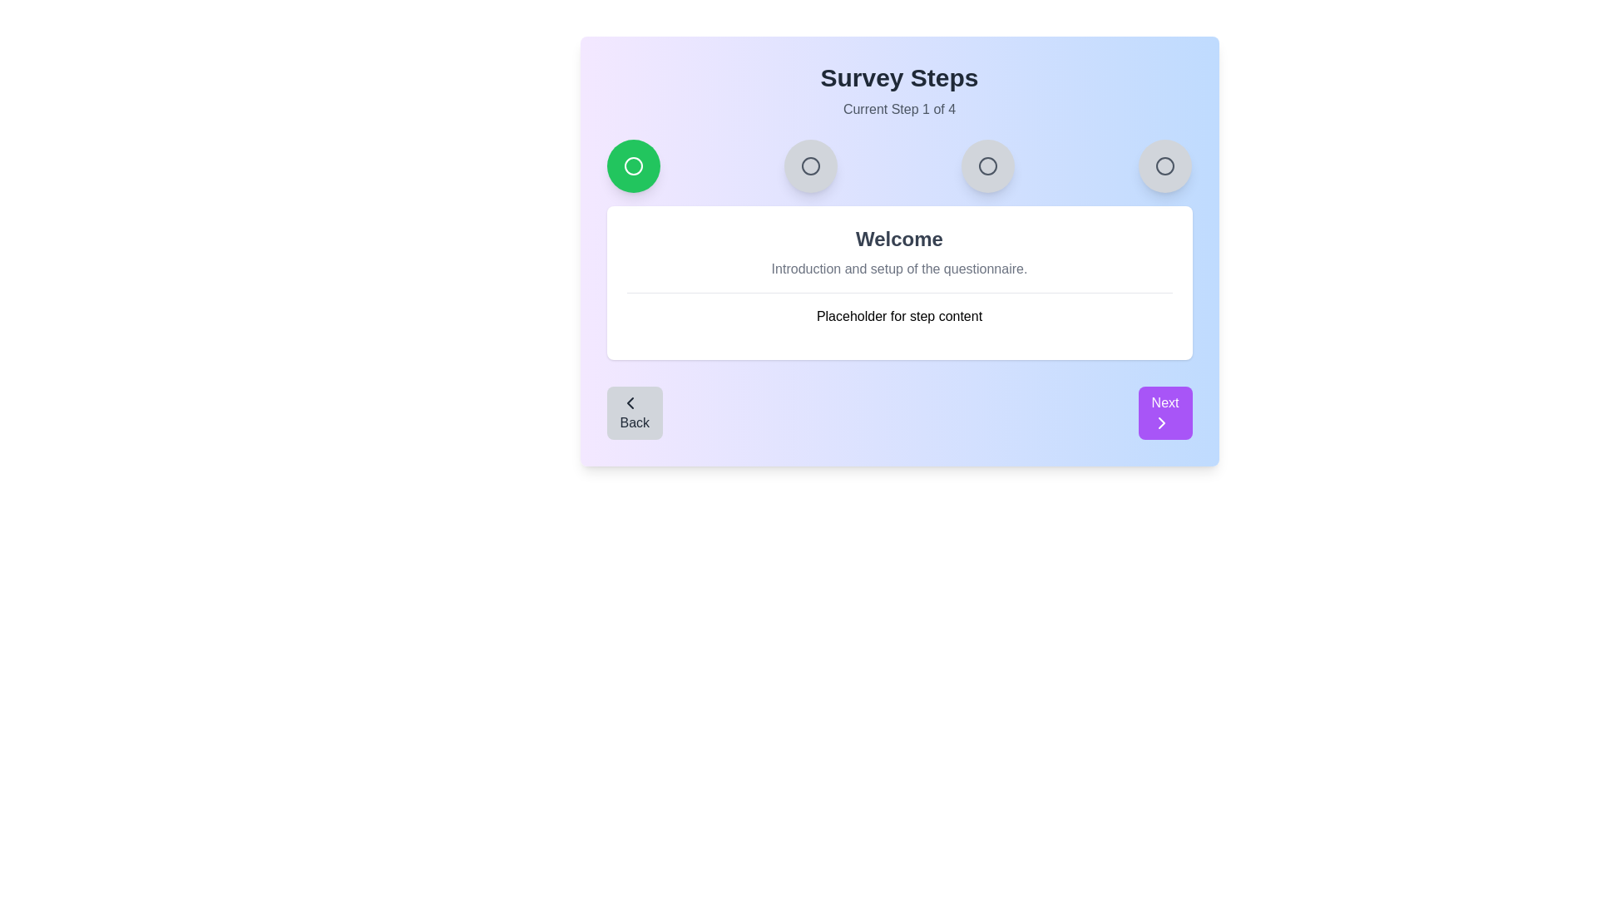  I want to click on the second Circle icon in the step indicator series, so click(810, 166).